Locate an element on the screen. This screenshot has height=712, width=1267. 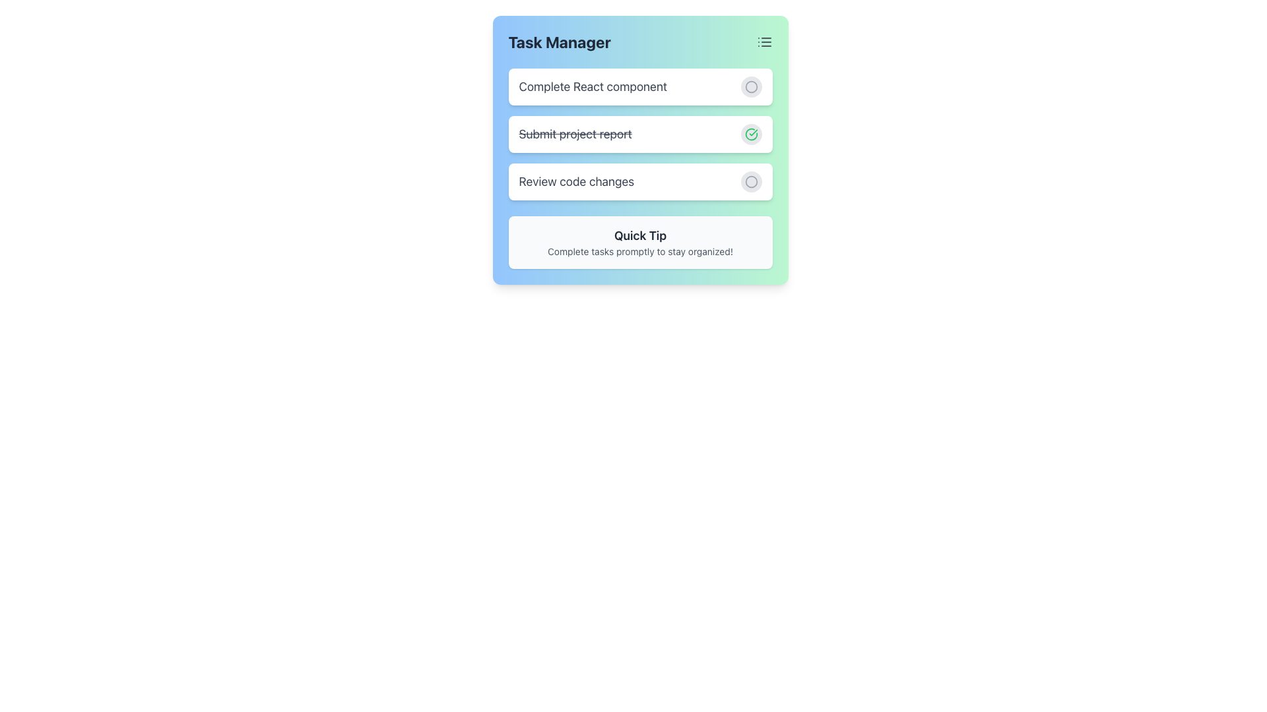
the Text Label that serves as a heading for quick tips, located above the text 'Complete tasks promptly to stay organized!' in a light gray box is located at coordinates (640, 235).